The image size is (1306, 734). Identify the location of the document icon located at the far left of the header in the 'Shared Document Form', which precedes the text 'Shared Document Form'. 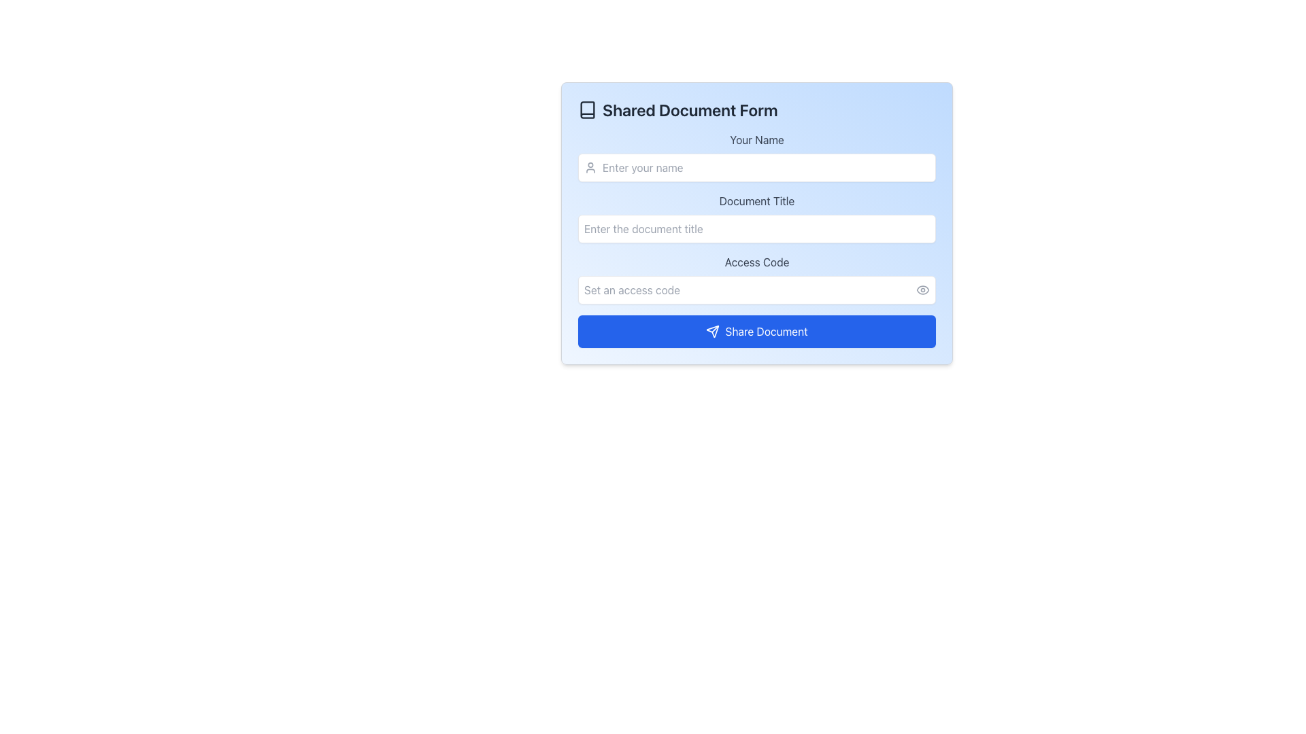
(588, 109).